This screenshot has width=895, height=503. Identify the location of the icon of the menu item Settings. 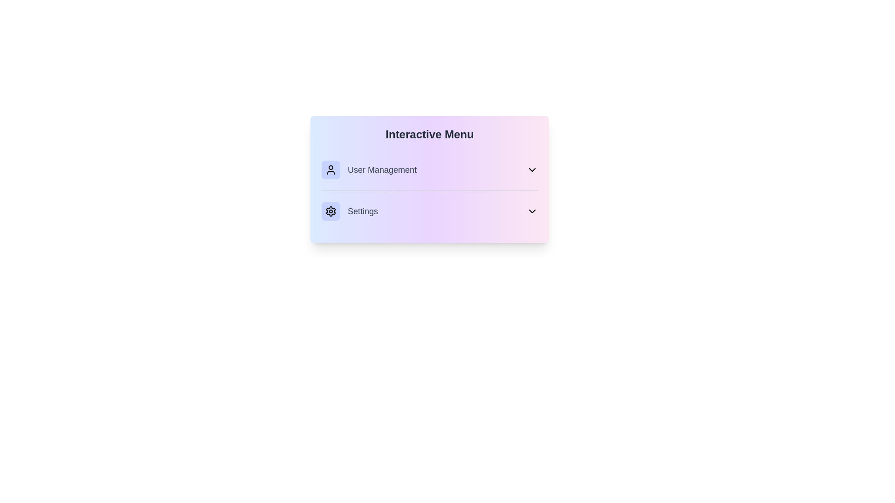
(331, 211).